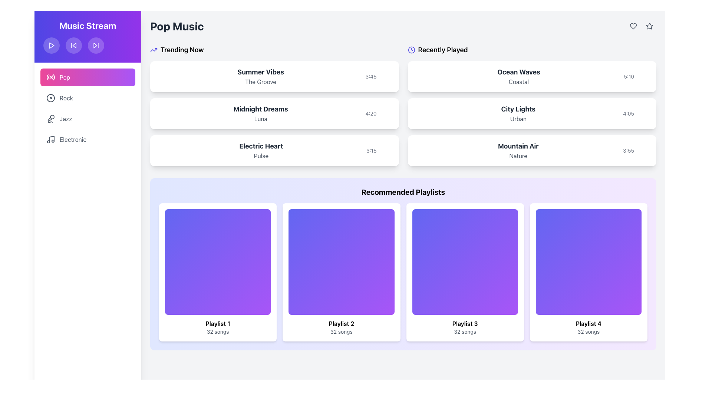  I want to click on secondary text element containing 'Luna' that appears below the song title 'Midnight Dreams' in the 'Trending Now' section, so click(261, 118).